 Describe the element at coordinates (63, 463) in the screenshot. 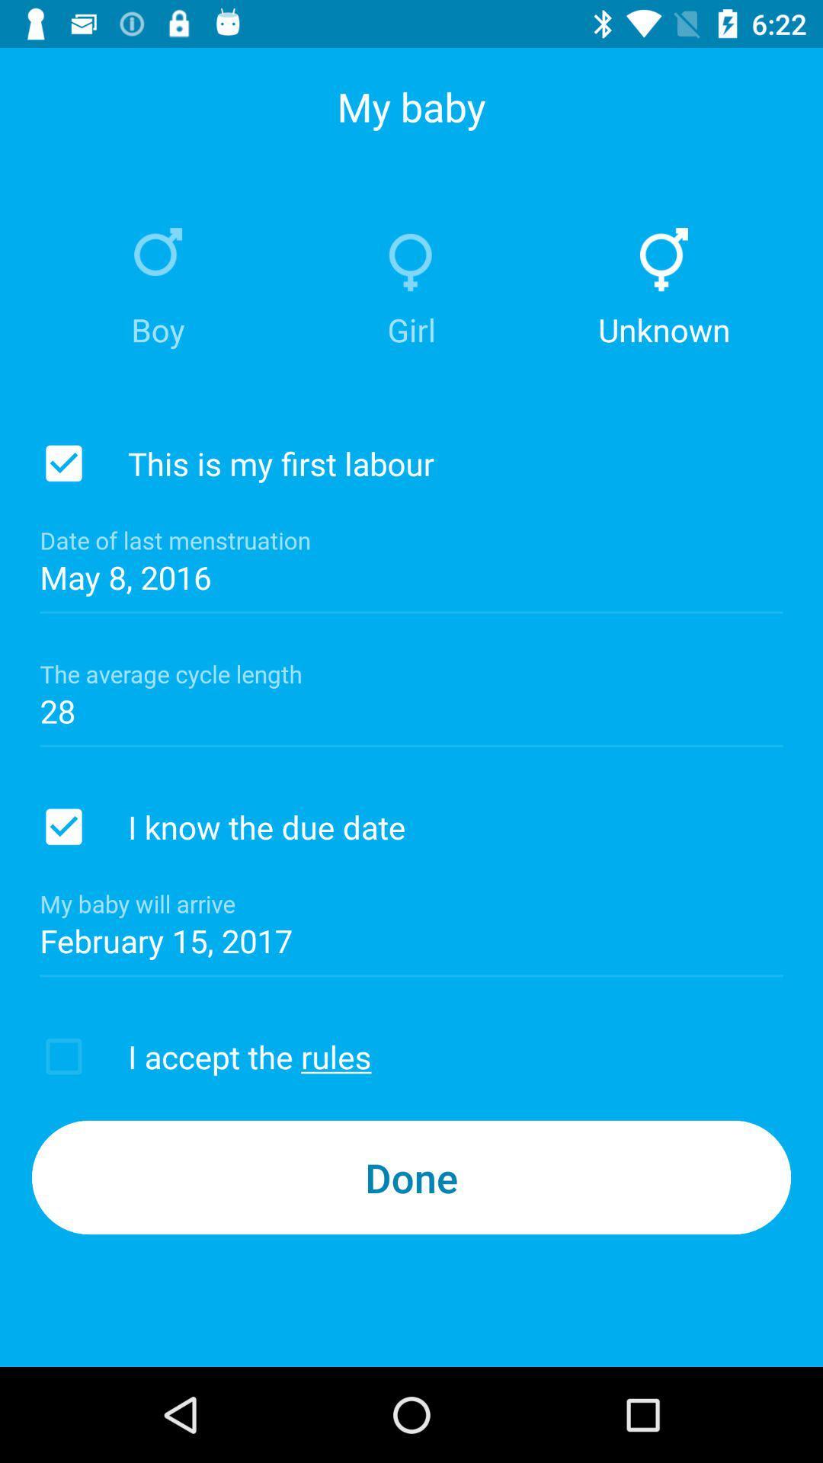

I see `yes/no` at that location.